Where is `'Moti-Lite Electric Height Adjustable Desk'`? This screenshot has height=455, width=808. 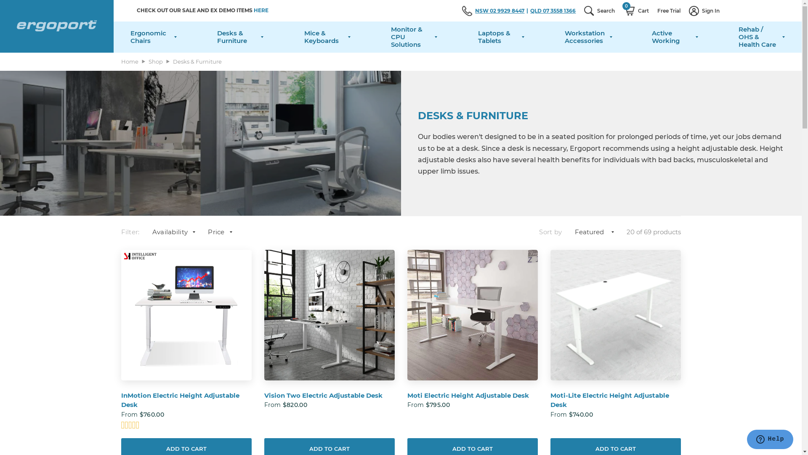 'Moti-Lite Electric Height Adjustable Desk' is located at coordinates (616, 400).